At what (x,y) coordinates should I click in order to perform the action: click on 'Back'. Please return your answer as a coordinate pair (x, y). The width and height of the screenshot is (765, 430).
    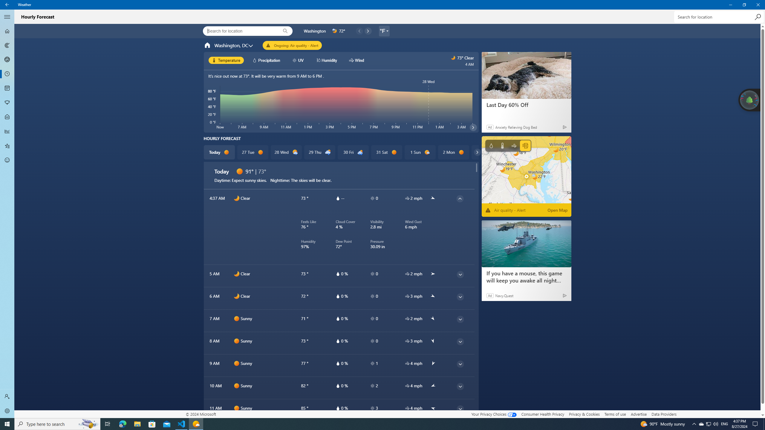
    Looking at the image, I should click on (7, 4).